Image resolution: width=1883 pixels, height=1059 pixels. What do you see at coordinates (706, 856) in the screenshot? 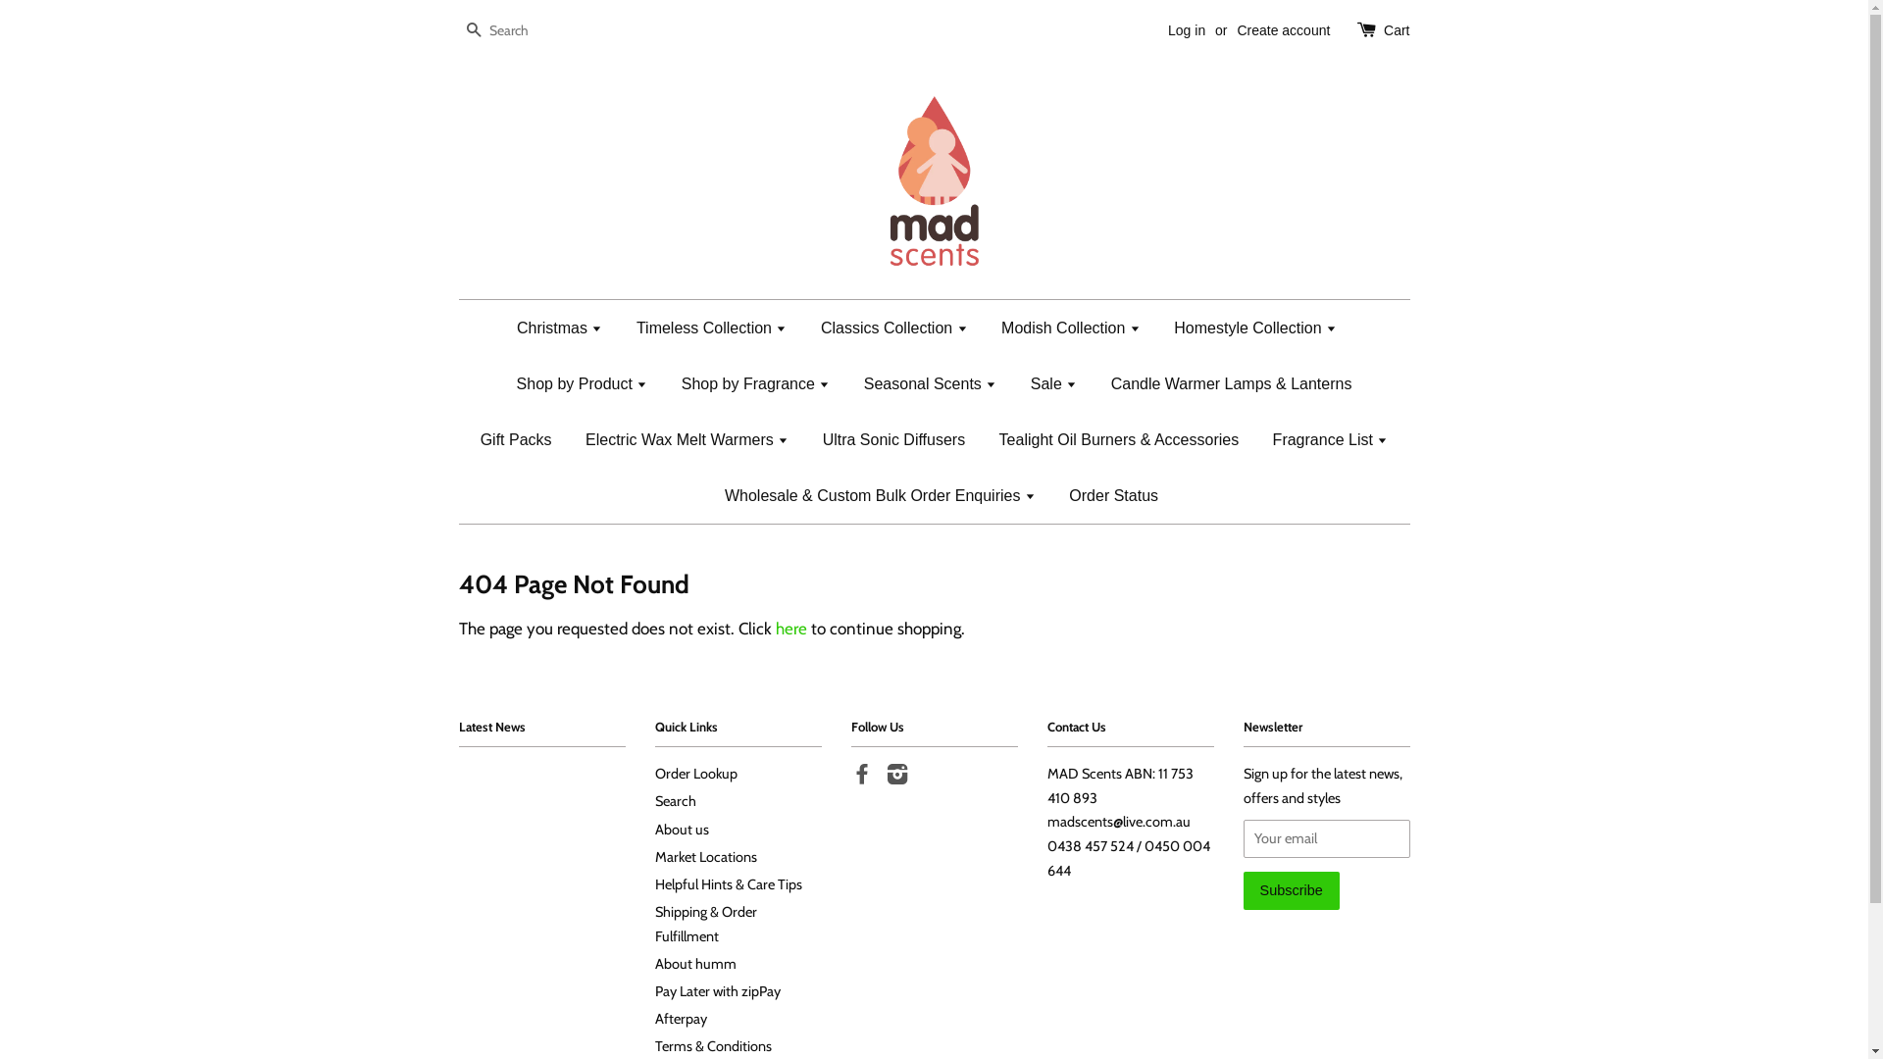
I see `'Market Locations'` at bounding box center [706, 856].